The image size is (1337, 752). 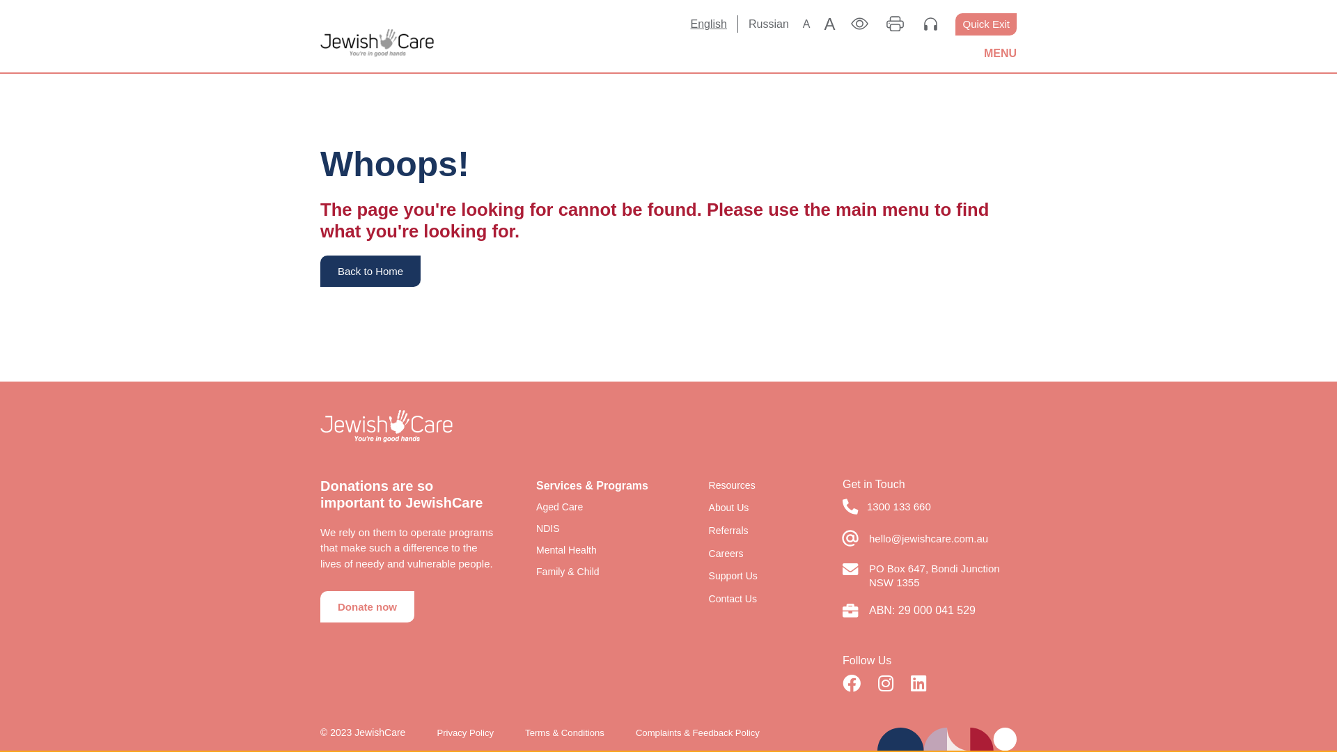 I want to click on '1300 133 660', so click(x=899, y=506).